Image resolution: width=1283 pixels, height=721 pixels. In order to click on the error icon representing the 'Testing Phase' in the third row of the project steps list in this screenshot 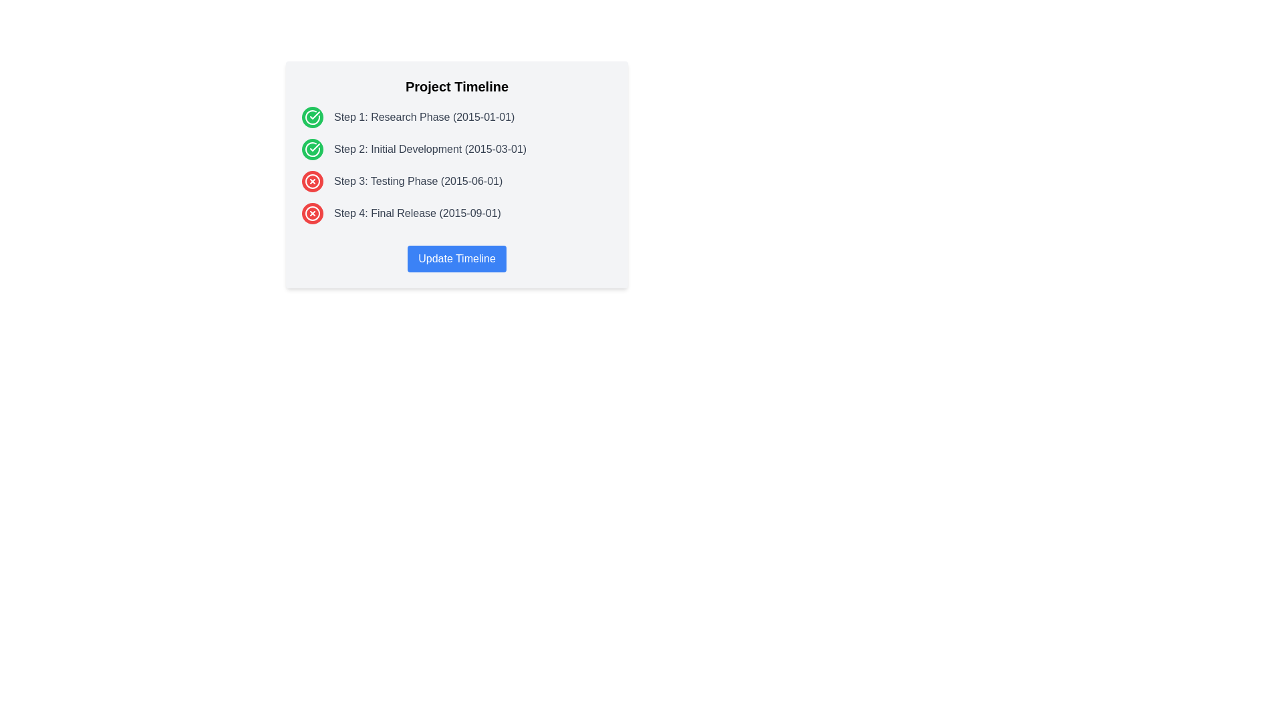, I will do `click(311, 213)`.